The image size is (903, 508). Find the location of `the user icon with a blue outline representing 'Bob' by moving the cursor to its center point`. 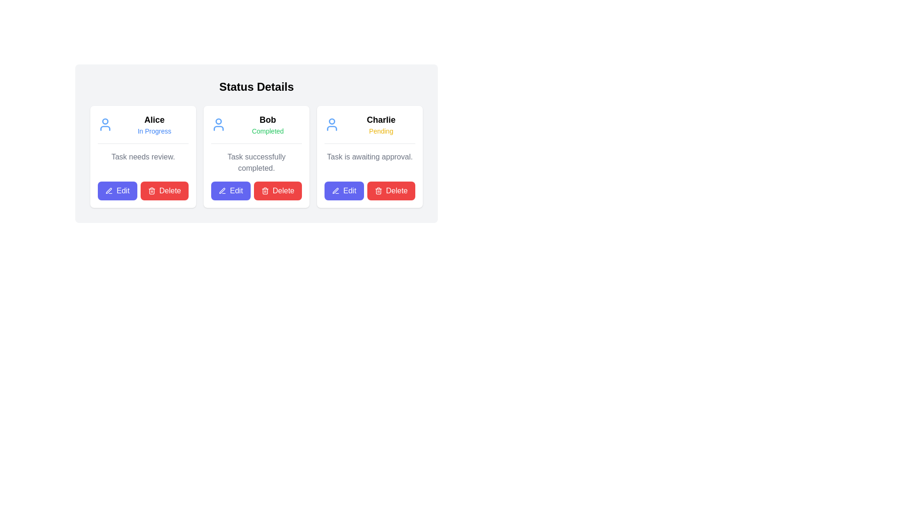

the user icon with a blue outline representing 'Bob' by moving the cursor to its center point is located at coordinates (218, 121).